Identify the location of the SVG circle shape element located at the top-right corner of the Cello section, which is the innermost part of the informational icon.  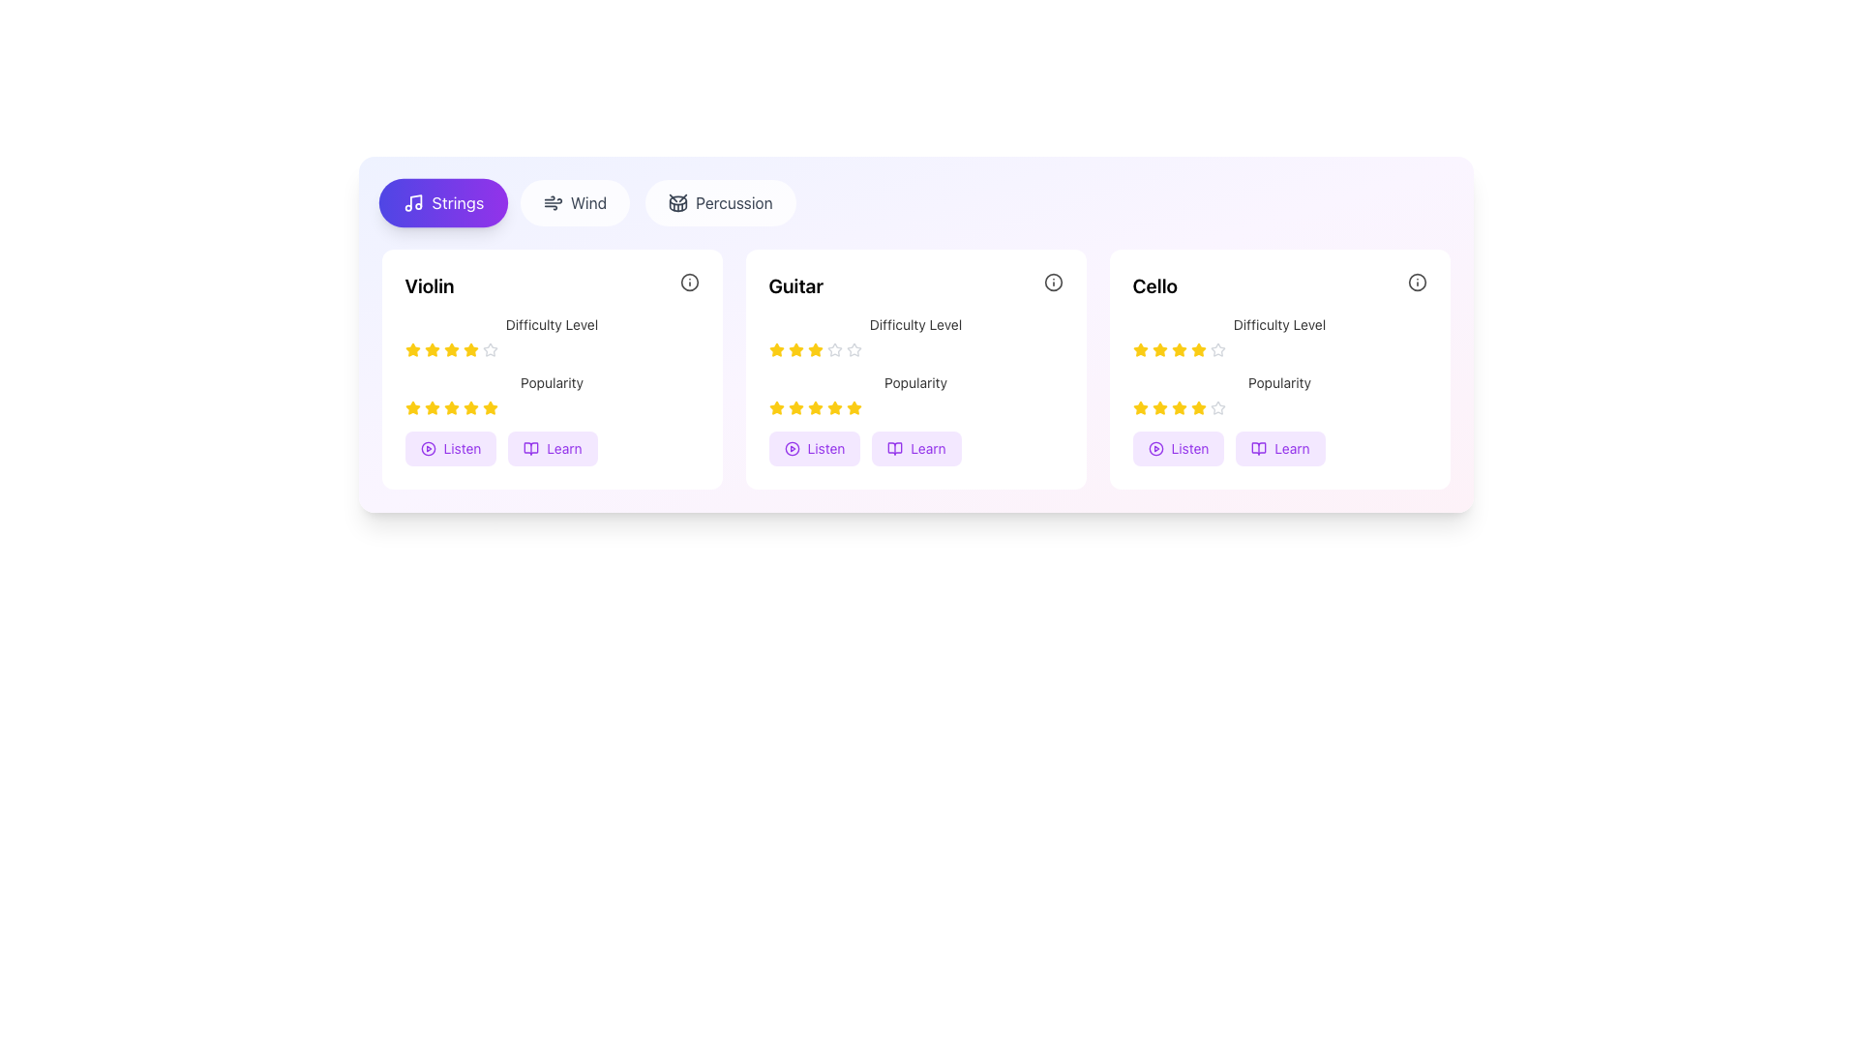
(1417, 283).